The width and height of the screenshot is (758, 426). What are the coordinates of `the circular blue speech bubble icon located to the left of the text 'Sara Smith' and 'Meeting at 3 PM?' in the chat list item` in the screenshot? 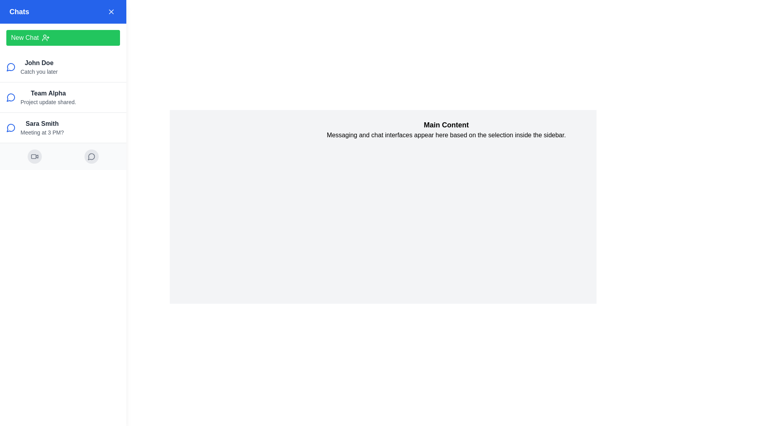 It's located at (11, 127).